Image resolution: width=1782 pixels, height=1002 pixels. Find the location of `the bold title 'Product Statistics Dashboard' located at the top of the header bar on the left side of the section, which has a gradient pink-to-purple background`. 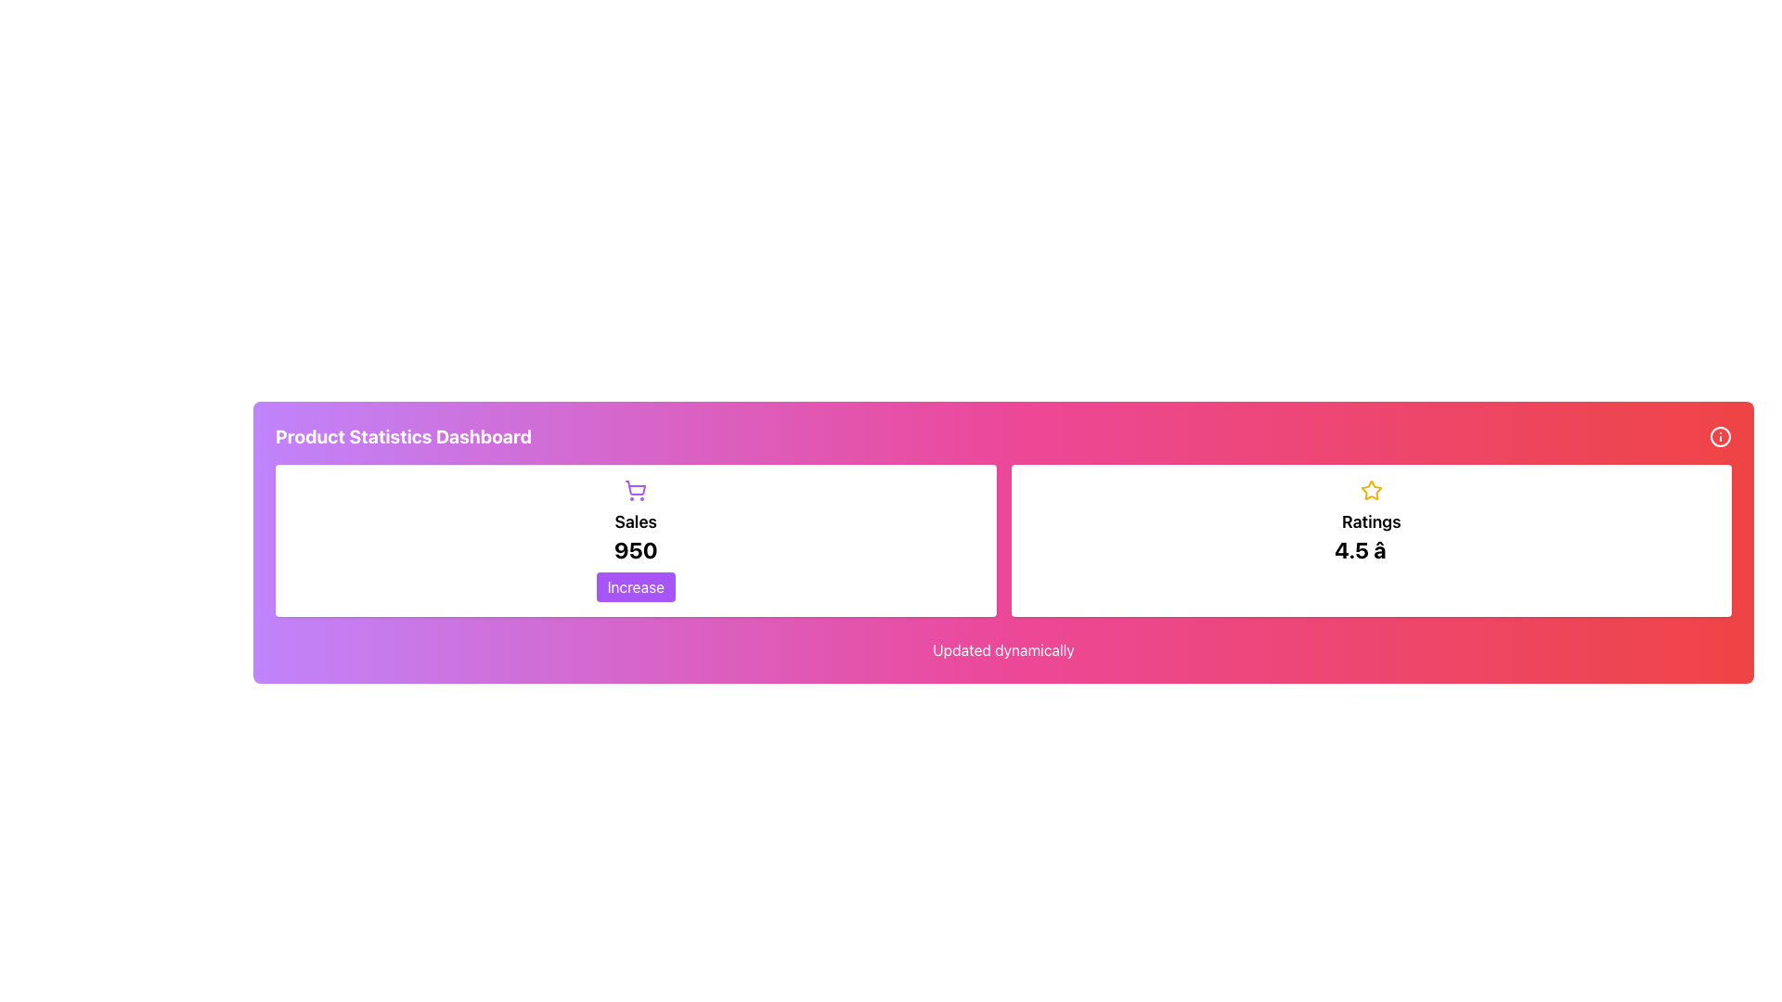

the bold title 'Product Statistics Dashboard' located at the top of the header bar on the left side of the section, which has a gradient pink-to-purple background is located at coordinates (402, 436).